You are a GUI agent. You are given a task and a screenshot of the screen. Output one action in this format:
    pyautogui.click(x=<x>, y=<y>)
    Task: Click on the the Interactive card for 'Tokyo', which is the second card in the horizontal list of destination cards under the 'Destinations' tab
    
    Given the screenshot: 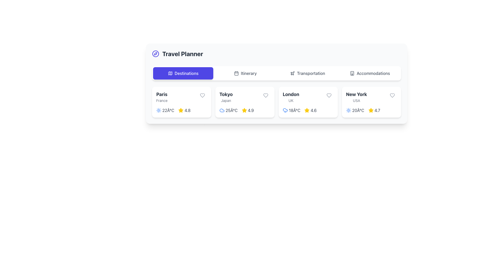 What is the action you would take?
    pyautogui.click(x=244, y=102)
    